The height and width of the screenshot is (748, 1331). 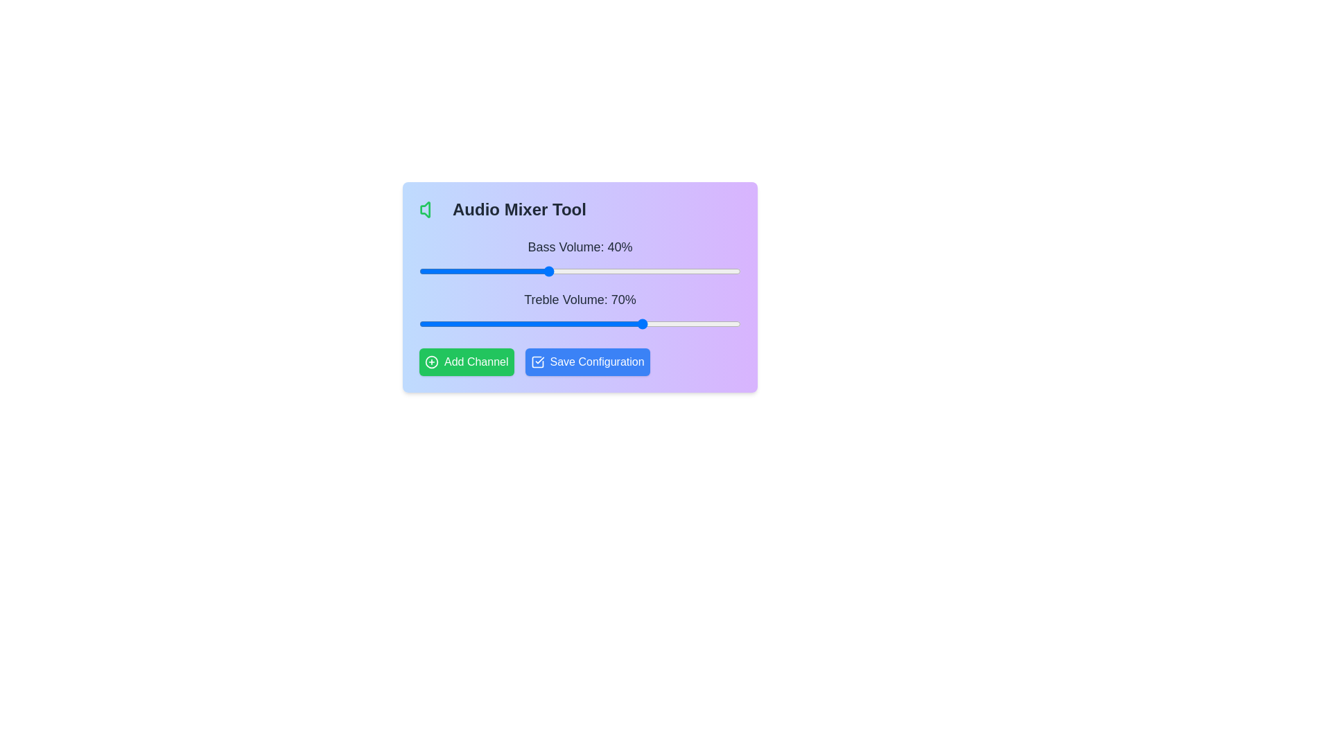 What do you see at coordinates (537, 362) in the screenshot?
I see `the toggle or confirmation Icon Button located in the bottom-right corner of the interface` at bounding box center [537, 362].